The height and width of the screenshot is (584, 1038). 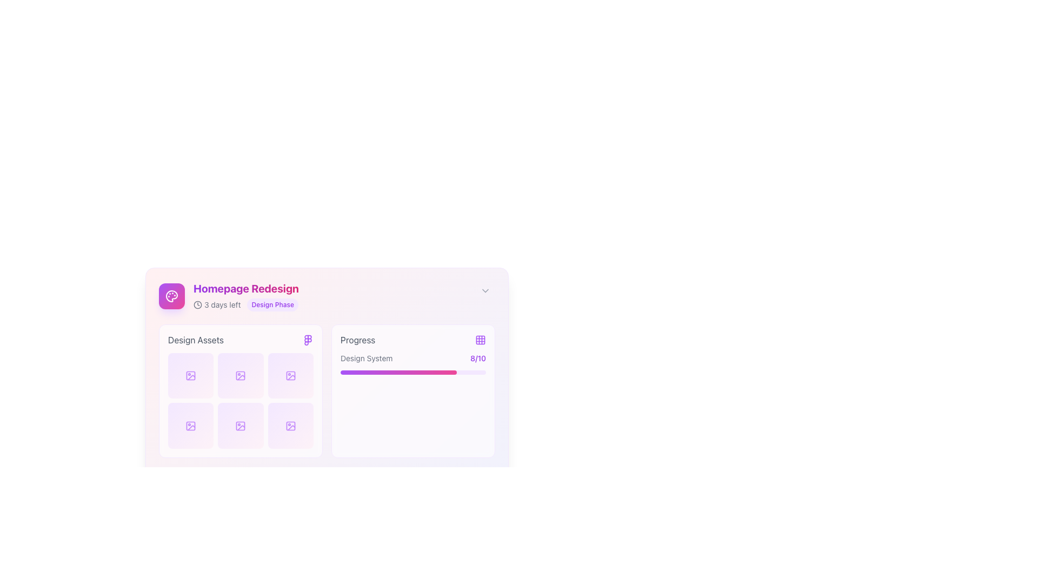 What do you see at coordinates (197, 304) in the screenshot?
I see `the circular element of the clock icon located in the top-right region of the 'Homepage Redesign' card` at bounding box center [197, 304].